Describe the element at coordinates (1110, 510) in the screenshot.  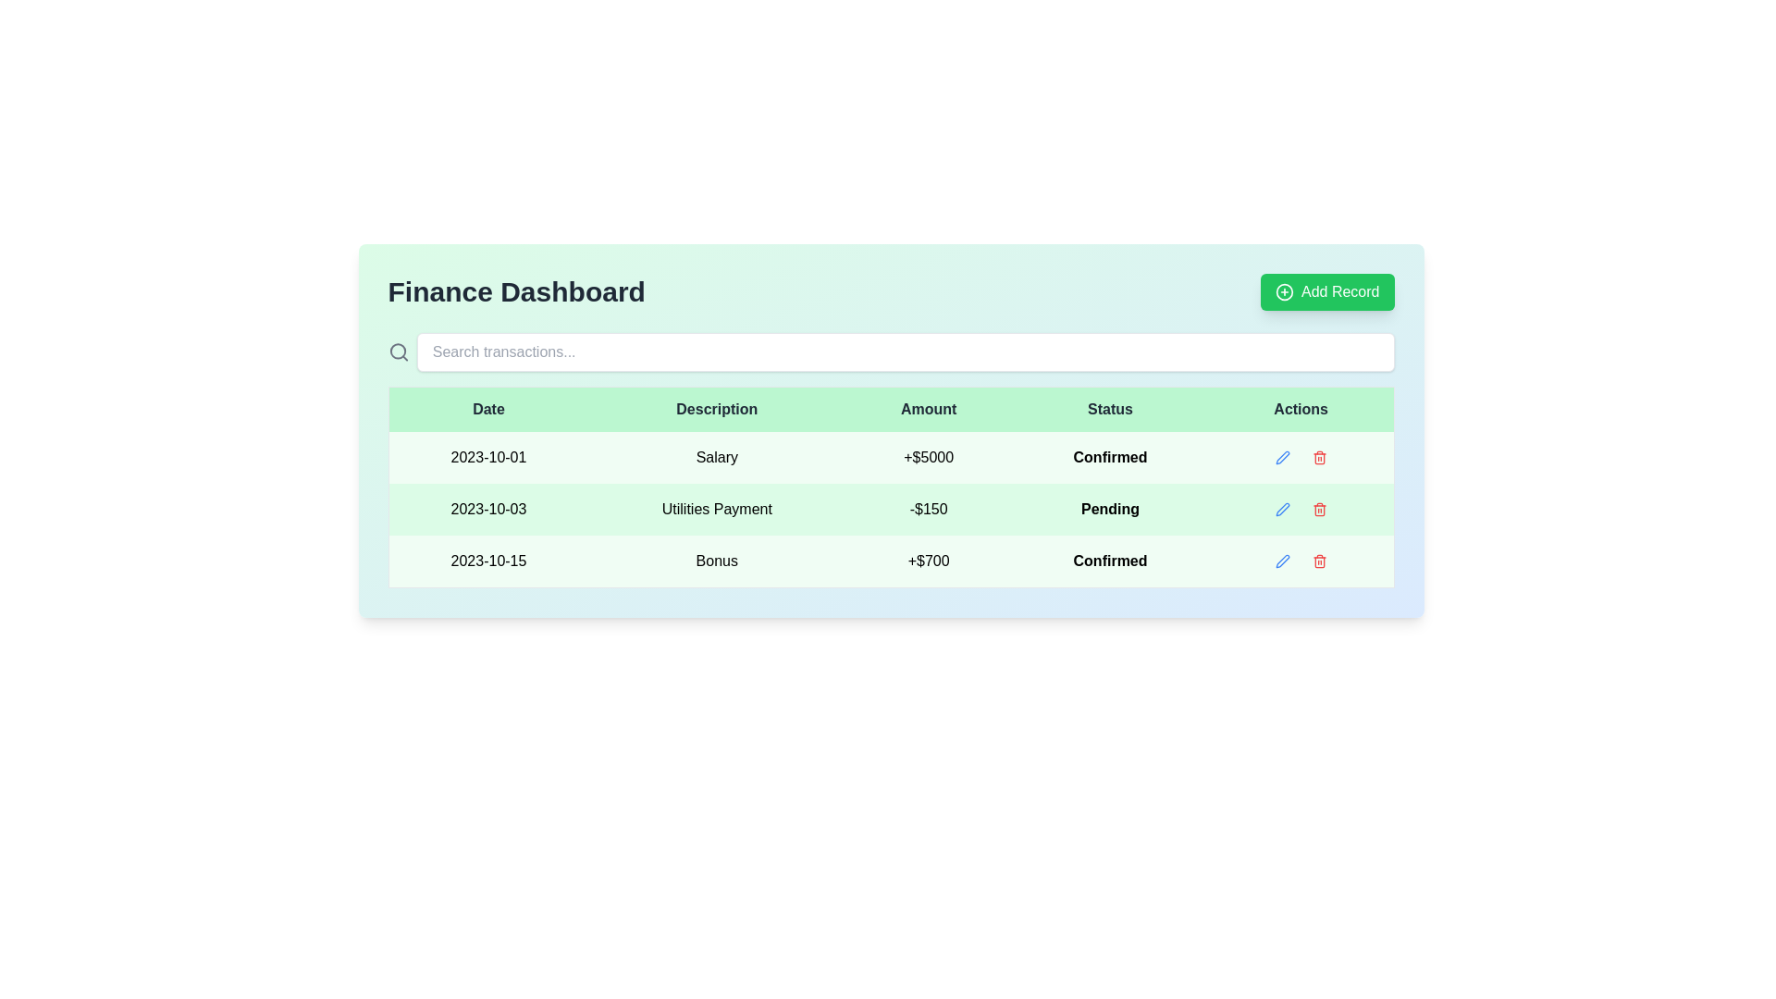
I see `the 'Pending' text label in the 'Status' column of the second row in the Finance Dashboard table` at that location.